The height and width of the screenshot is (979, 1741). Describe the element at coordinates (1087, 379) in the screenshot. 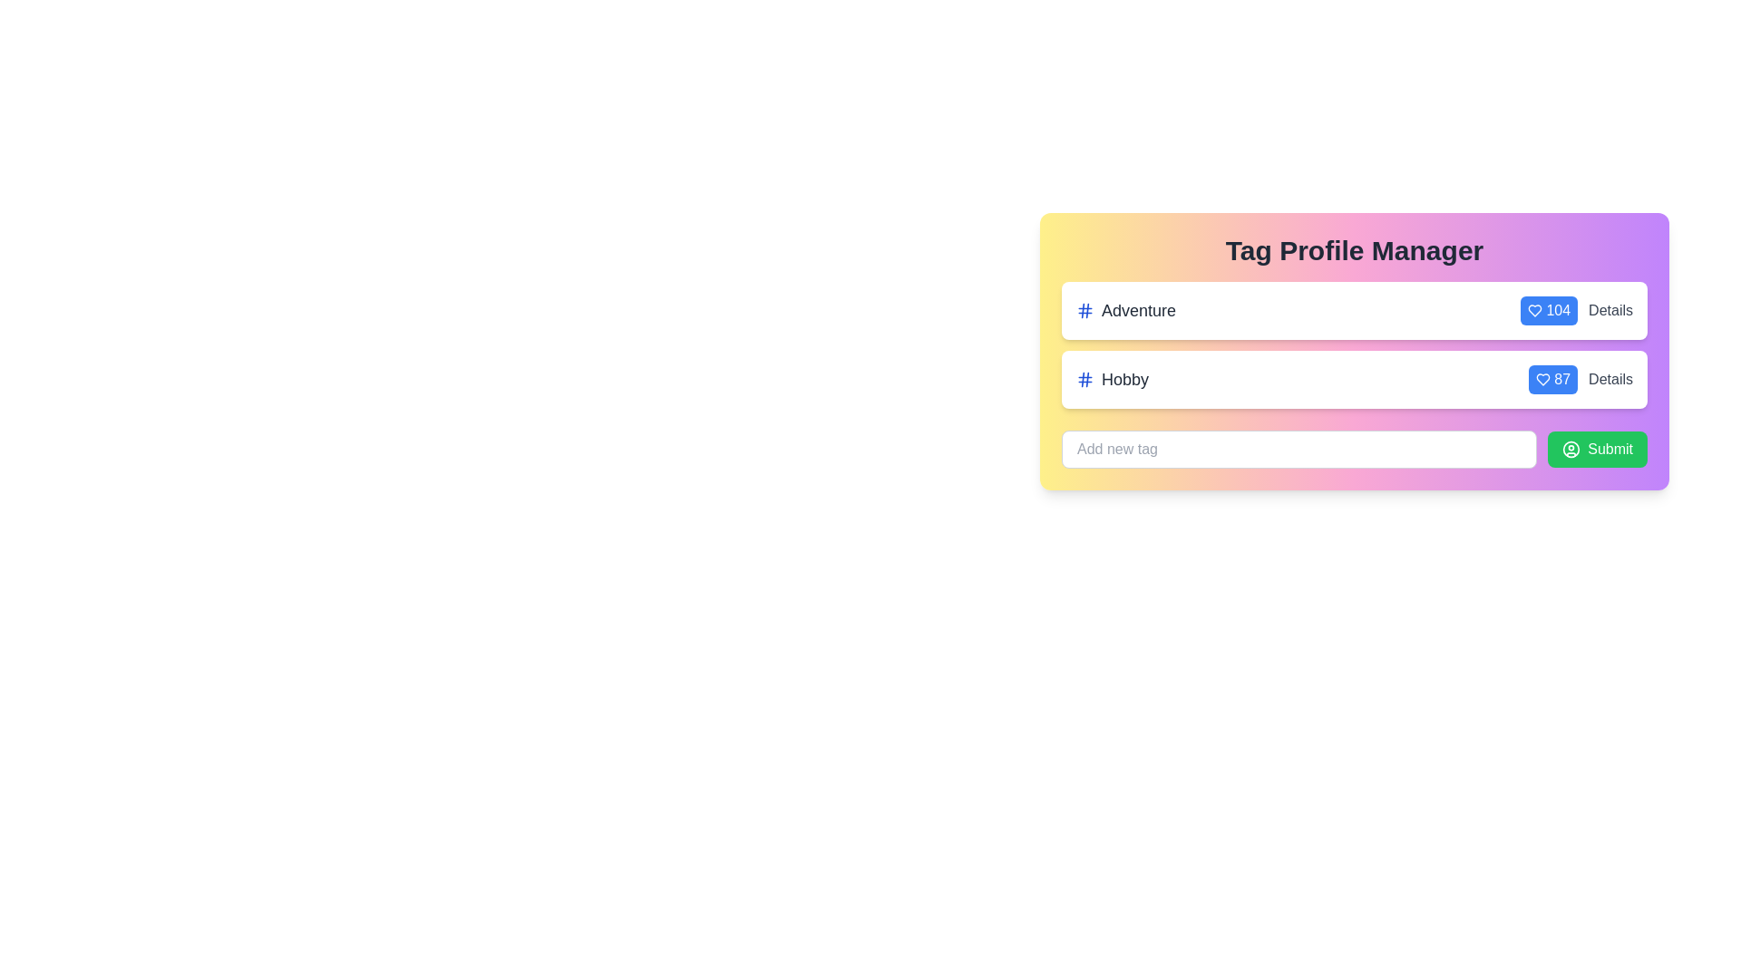

I see `right vertical line of the hashtag icon, which is styled in vibrant blue and located to the left of the 'Hobby' text in the second row of the tag list` at that location.